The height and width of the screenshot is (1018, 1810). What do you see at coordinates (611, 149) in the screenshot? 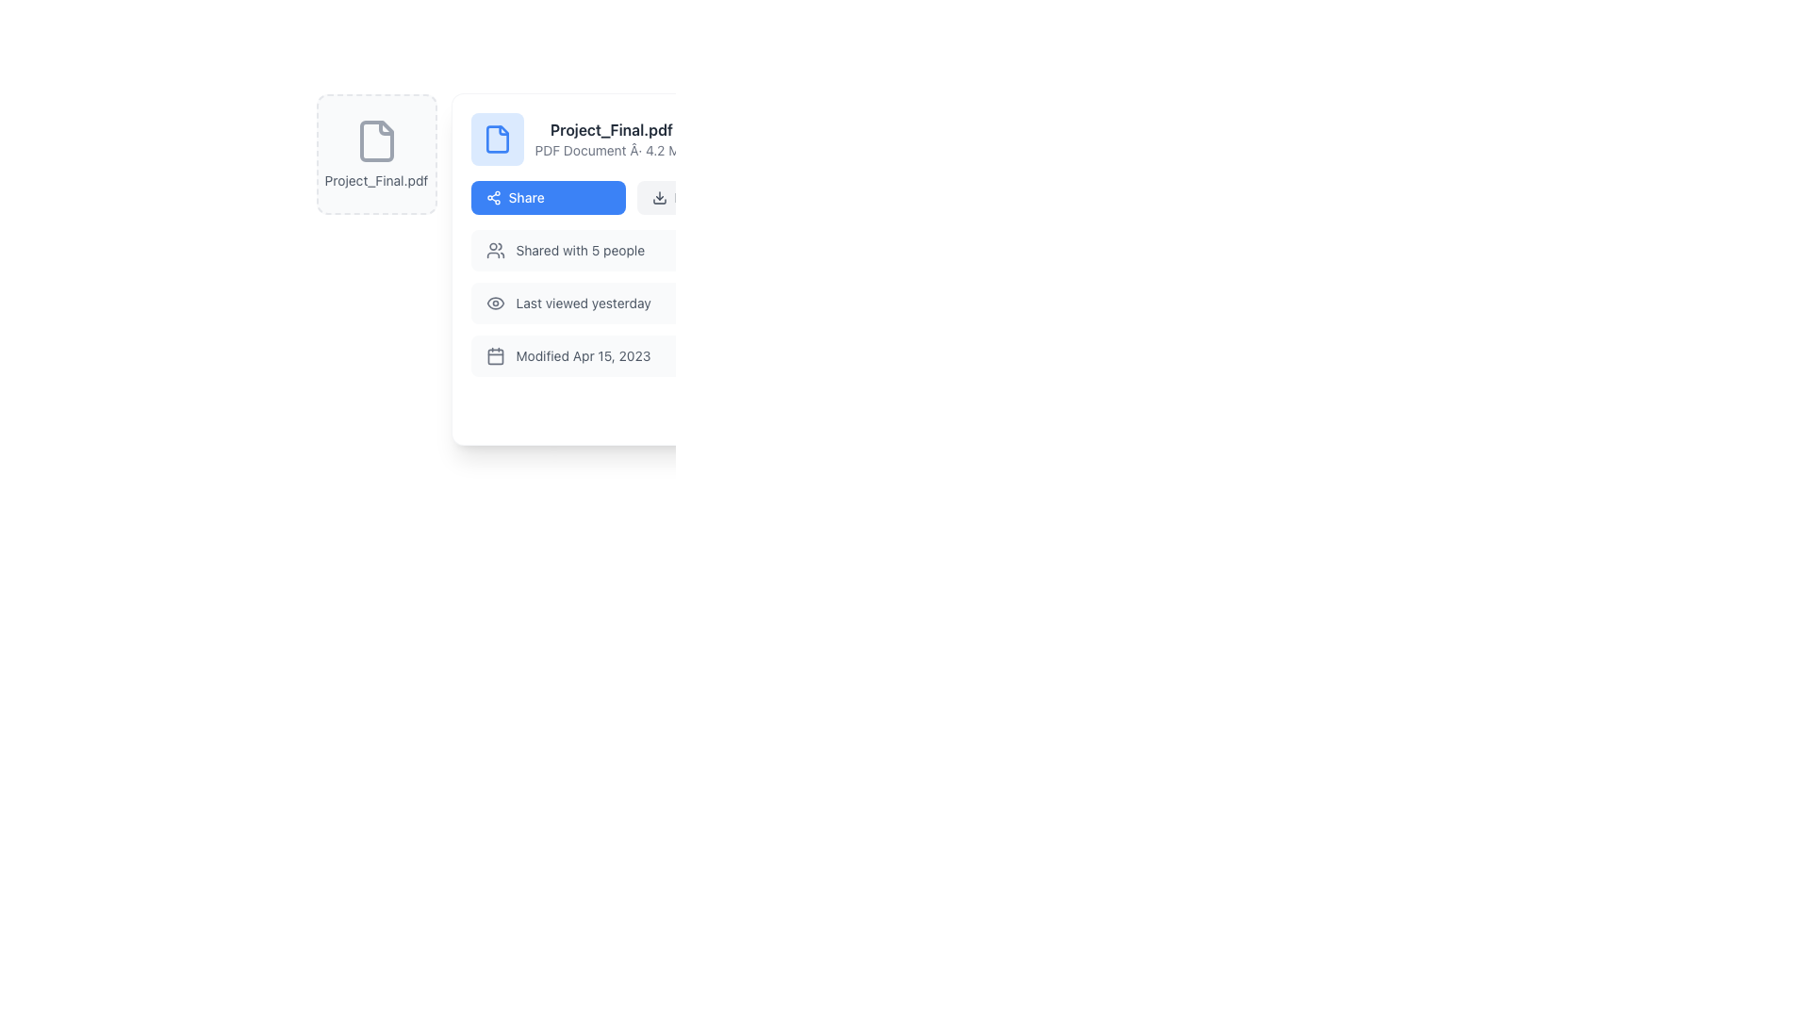
I see `the text display element that shows 'PDF Document Â· 4.2 MB', located beneath the file name 'Project_Final.pdf' in the details pane` at bounding box center [611, 149].